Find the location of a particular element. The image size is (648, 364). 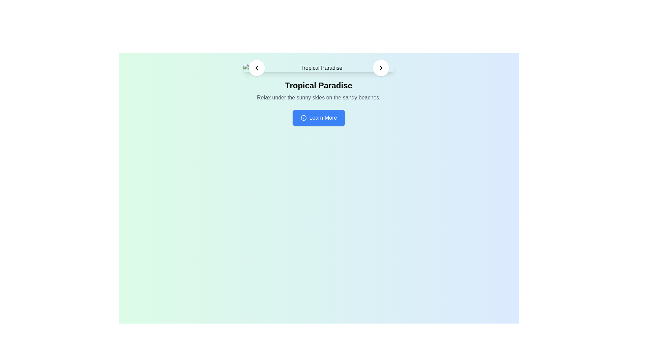

the round button with a white background and black chevron pointing to the right is located at coordinates (381, 68).